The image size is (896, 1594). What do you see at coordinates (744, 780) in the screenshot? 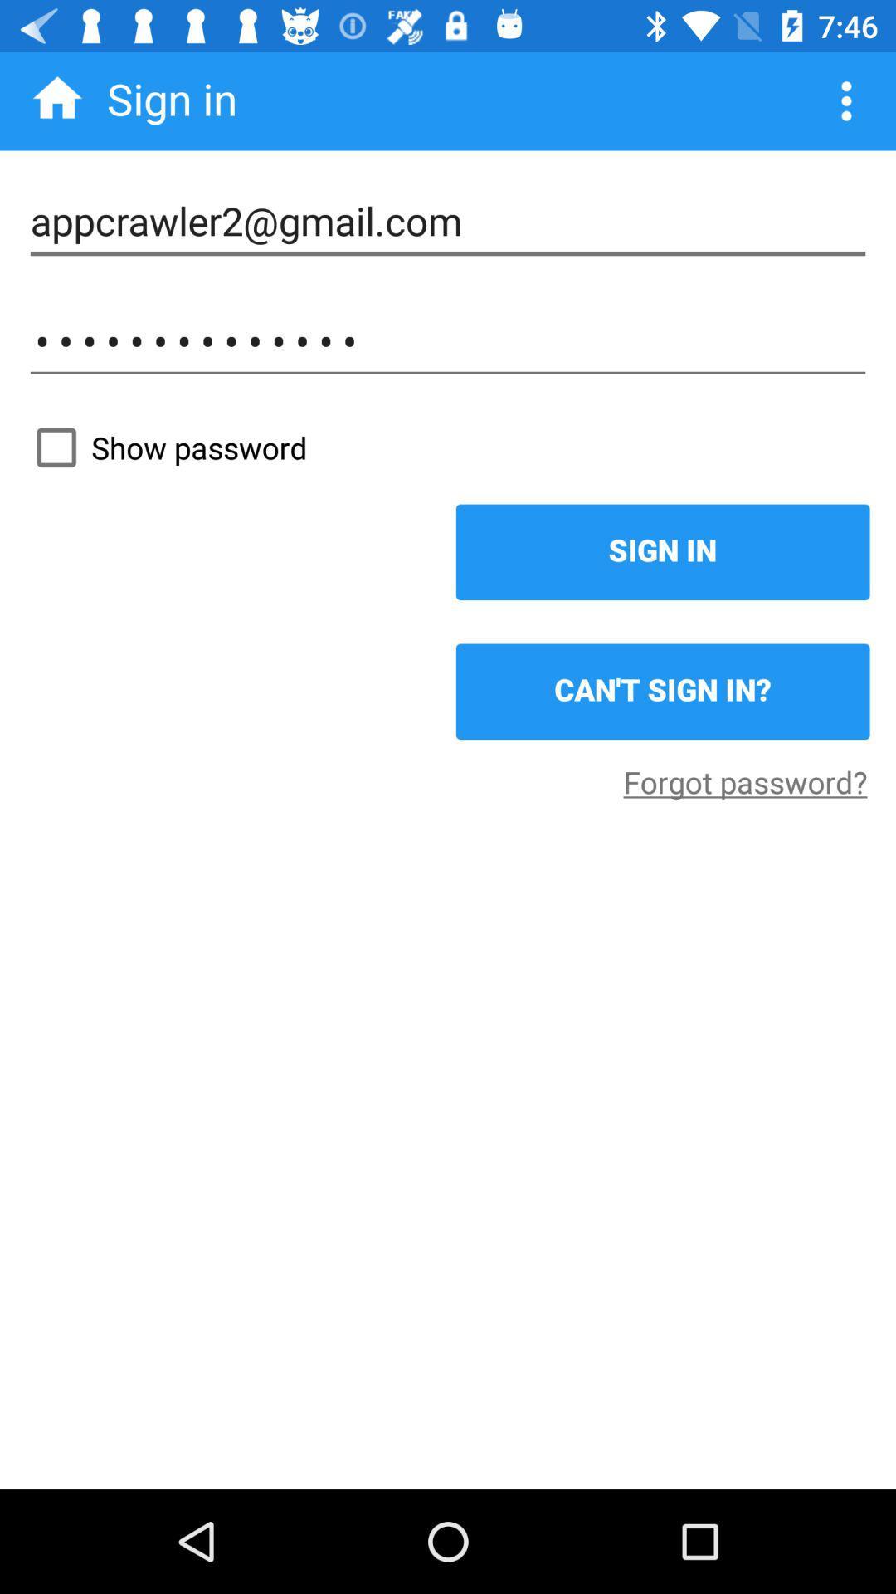
I see `item below can t sign icon` at bounding box center [744, 780].